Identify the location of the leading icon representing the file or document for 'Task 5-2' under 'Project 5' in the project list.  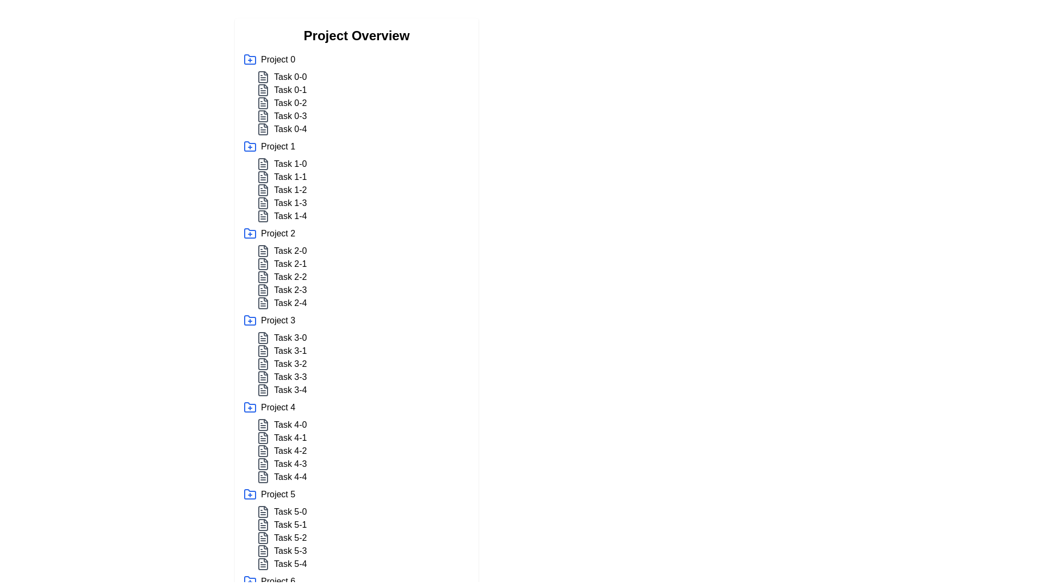
(263, 538).